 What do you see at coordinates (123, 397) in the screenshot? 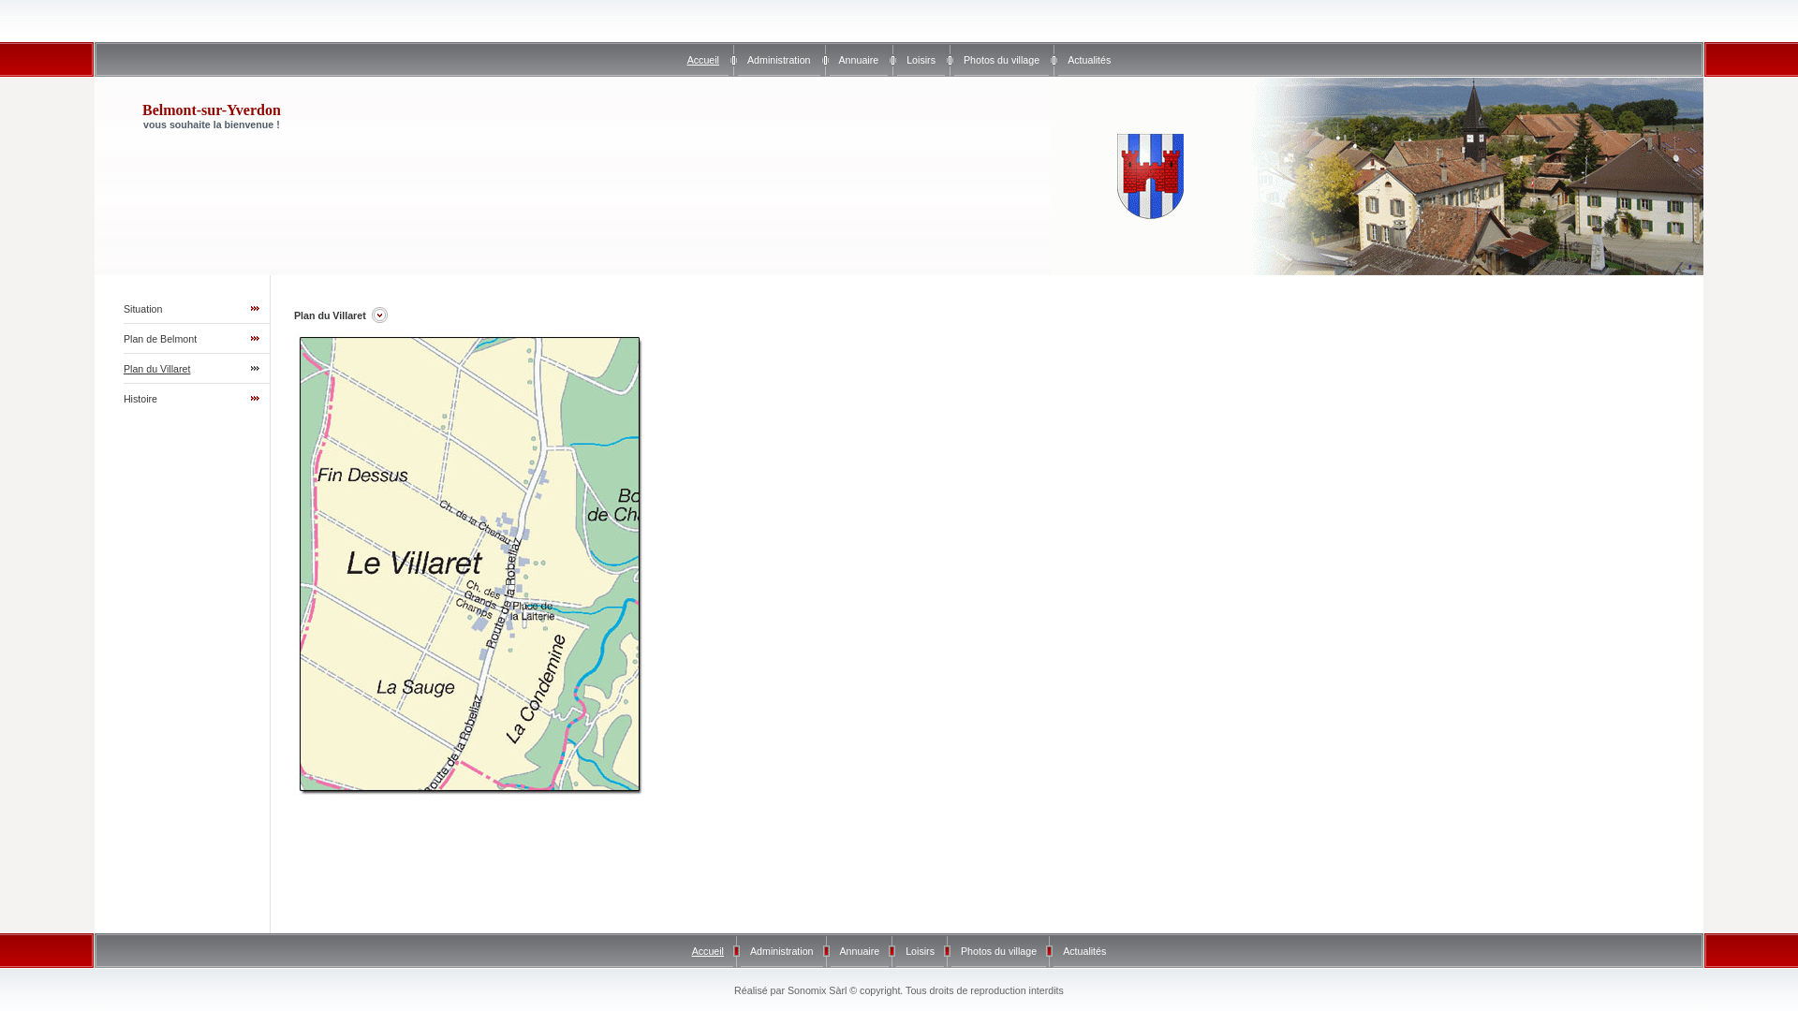
I see `'Histoire'` at bounding box center [123, 397].